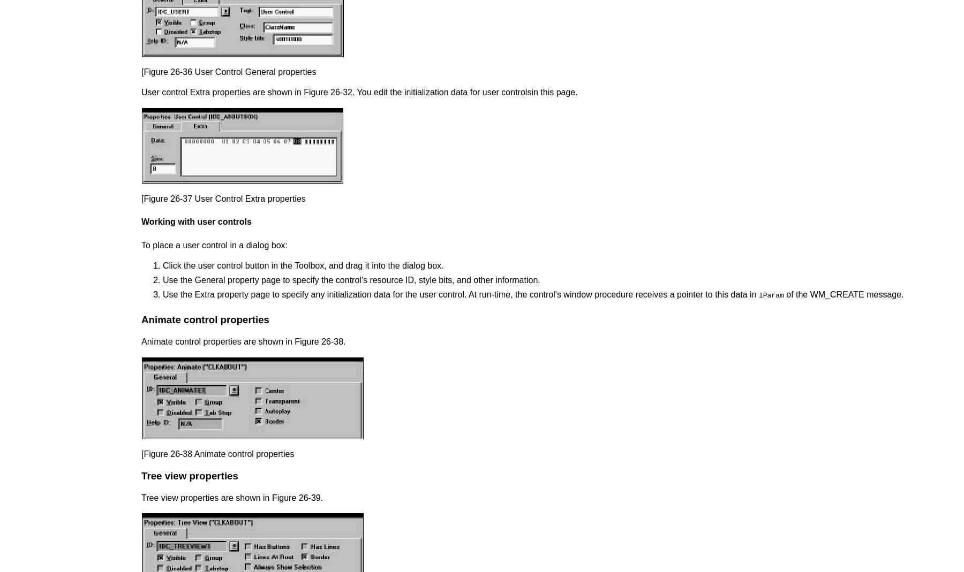  Describe the element at coordinates (190, 475) in the screenshot. I see `'Tree view properties'` at that location.